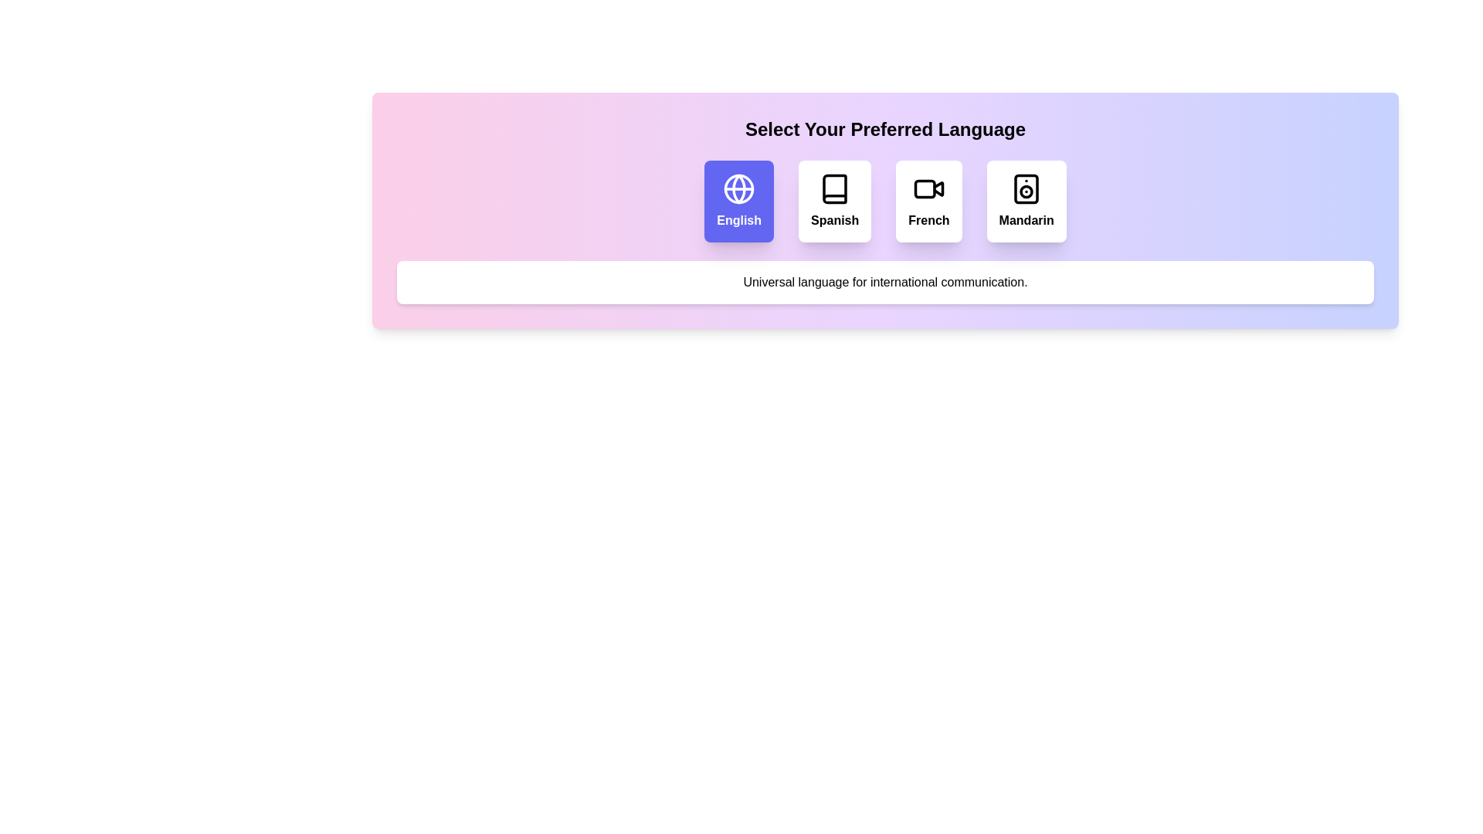 Image resolution: width=1483 pixels, height=834 pixels. What do you see at coordinates (1027, 201) in the screenshot?
I see `the language button corresponding to Mandarin` at bounding box center [1027, 201].